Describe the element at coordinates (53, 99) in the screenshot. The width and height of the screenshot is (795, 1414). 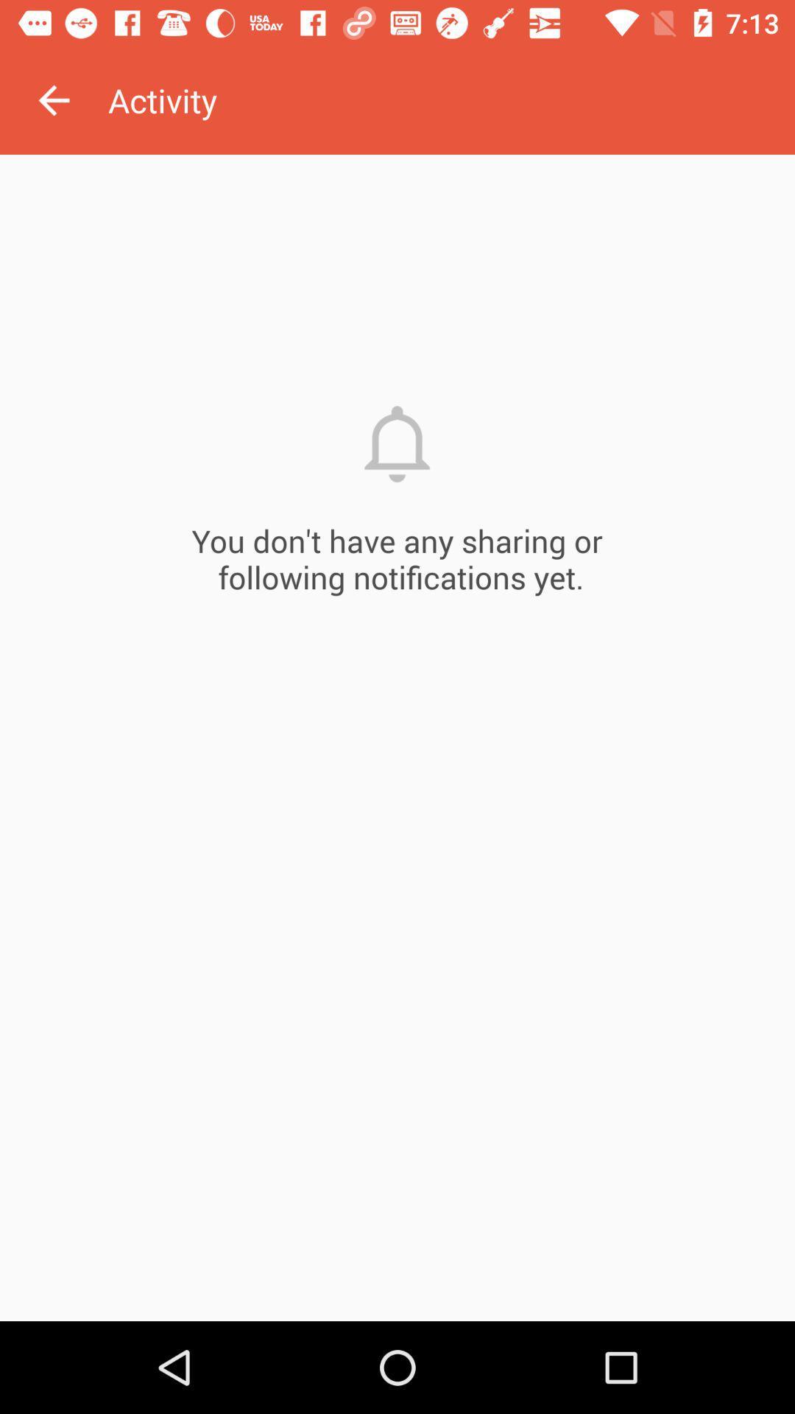
I see `icon at the top left corner` at that location.